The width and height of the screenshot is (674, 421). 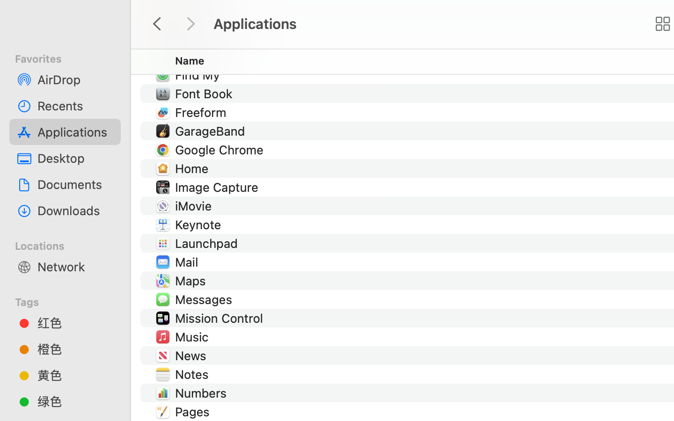 I want to click on 'Image Capture', so click(x=218, y=187).